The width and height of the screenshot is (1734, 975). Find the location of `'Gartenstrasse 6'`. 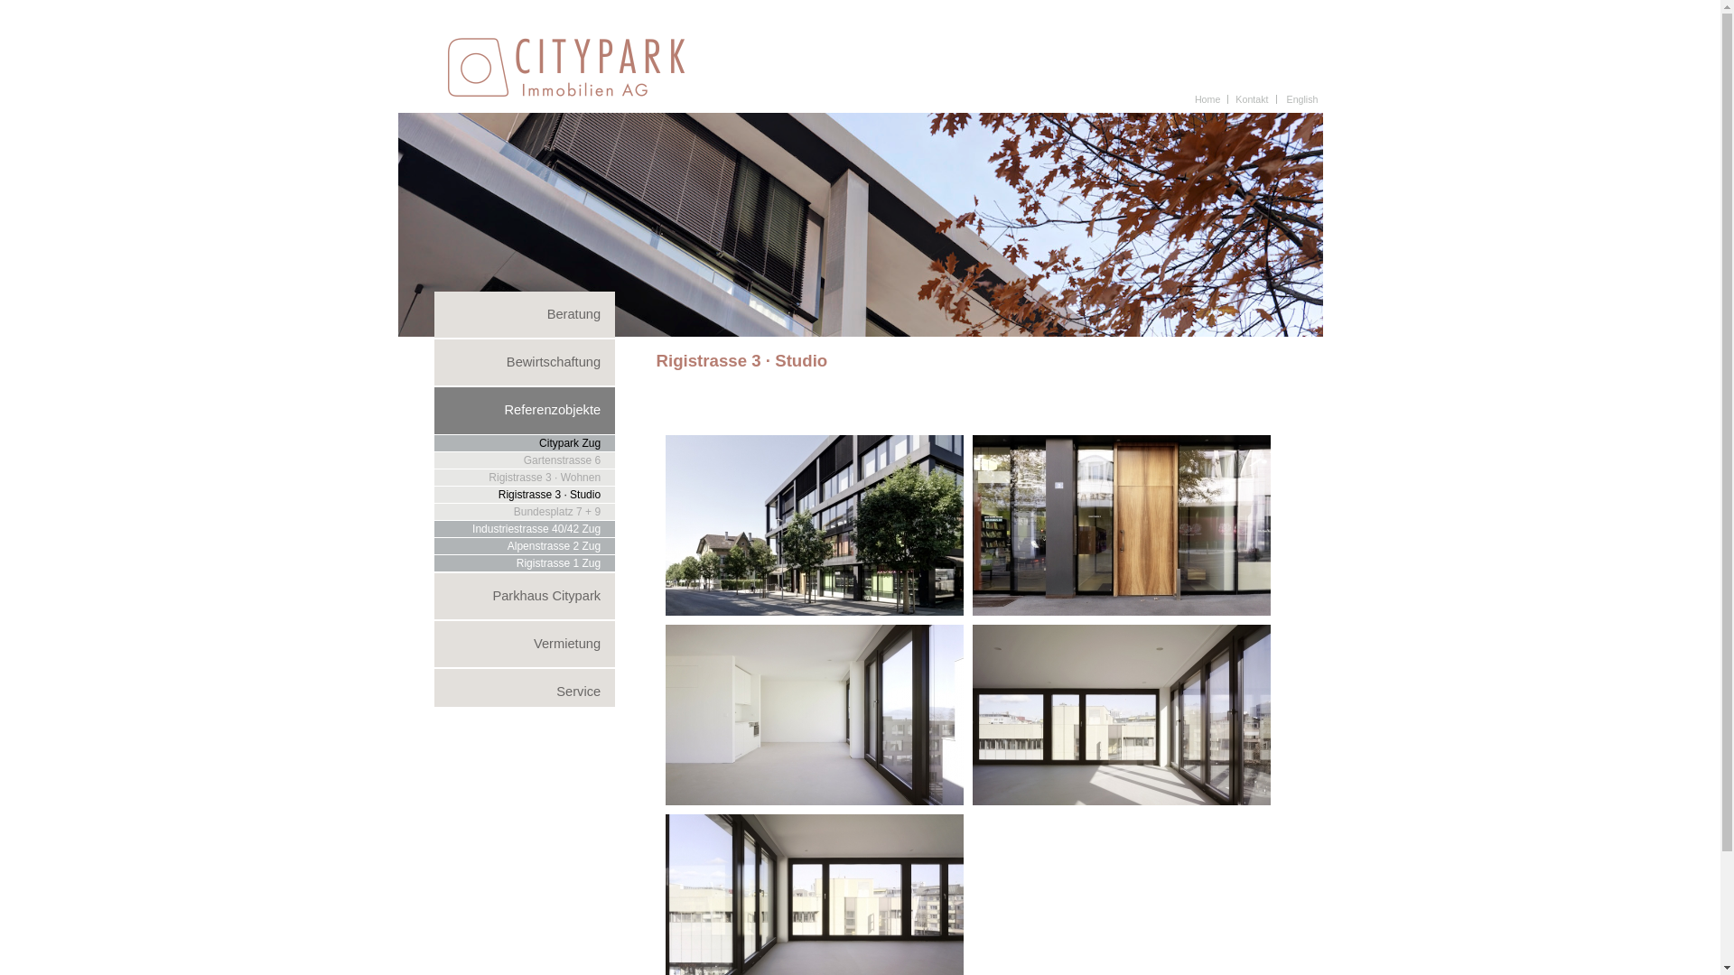

'Gartenstrasse 6' is located at coordinates (433, 459).